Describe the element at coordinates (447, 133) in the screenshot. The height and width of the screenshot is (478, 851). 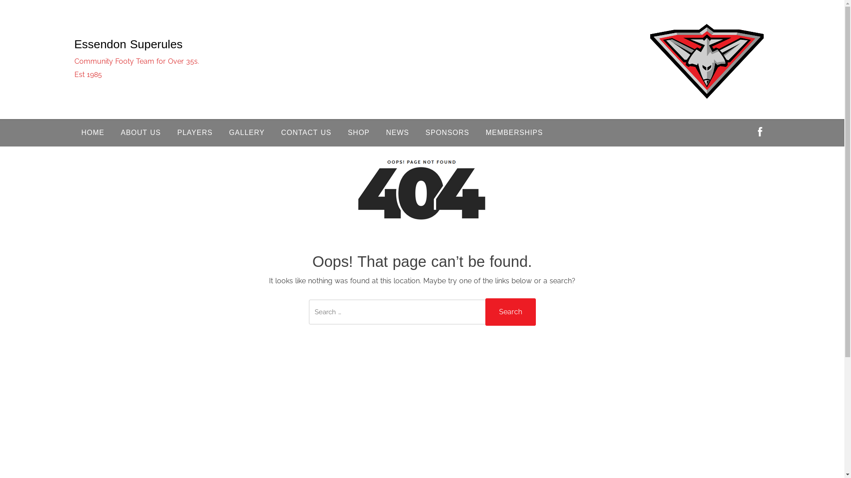
I see `'SPONSORS'` at that location.